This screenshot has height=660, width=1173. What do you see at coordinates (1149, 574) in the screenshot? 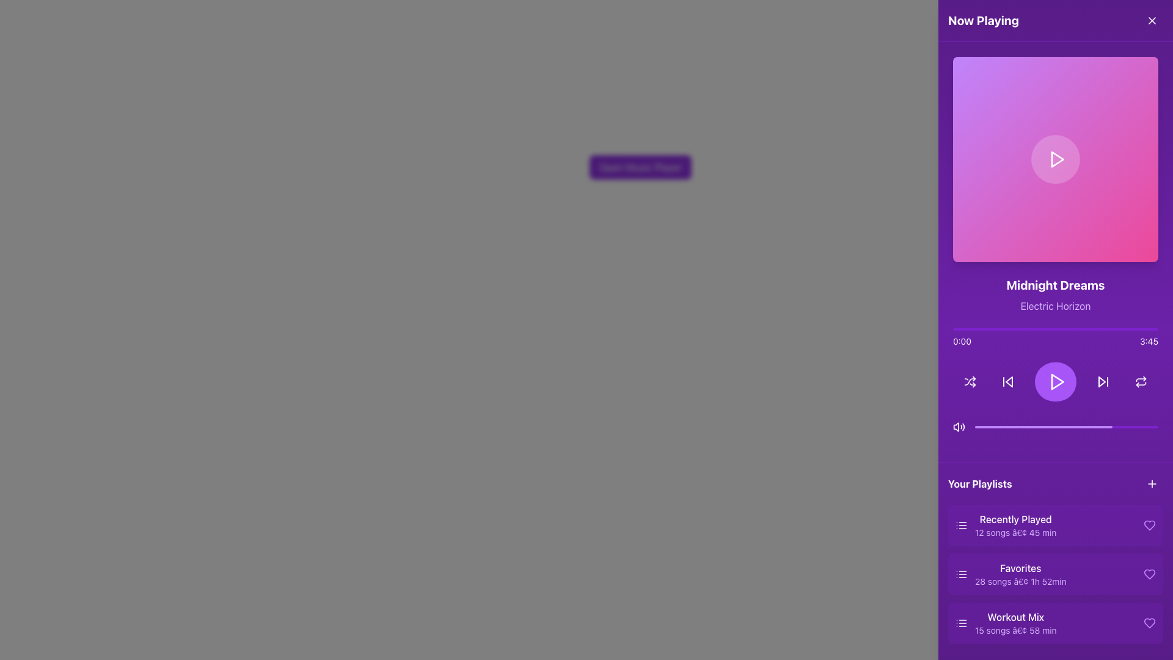
I see `the heart-shaped icon located beside the 'Favorites' playlist in the 'Your Playlists' section` at bounding box center [1149, 574].